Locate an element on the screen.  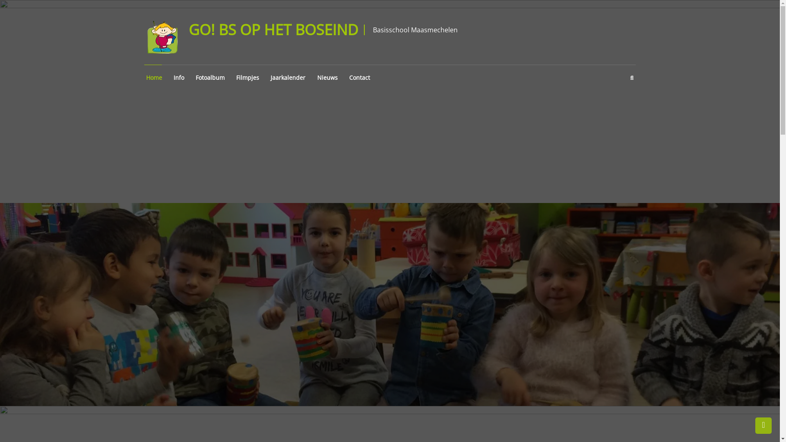
'GO! BS OP HET BOSEIND' is located at coordinates (273, 29).